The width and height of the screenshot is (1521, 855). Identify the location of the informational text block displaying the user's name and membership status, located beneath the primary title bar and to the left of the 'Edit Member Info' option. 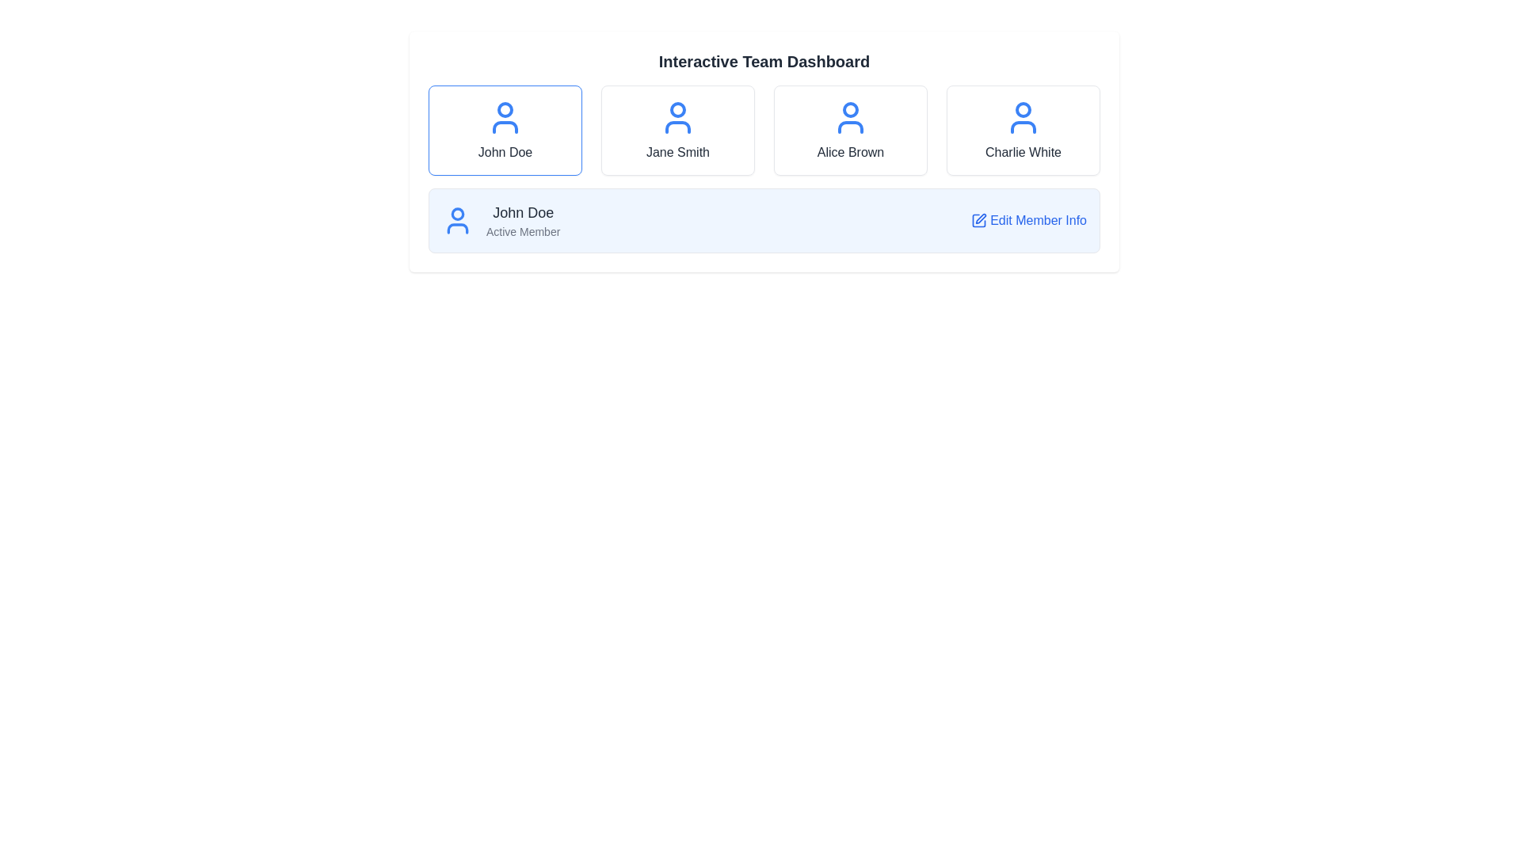
(523, 220).